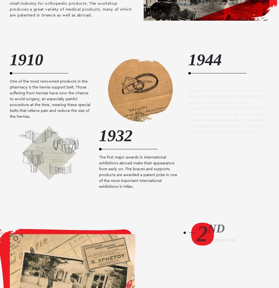  What do you see at coordinates (10, 59) in the screenshot?
I see `'1910'` at bounding box center [10, 59].